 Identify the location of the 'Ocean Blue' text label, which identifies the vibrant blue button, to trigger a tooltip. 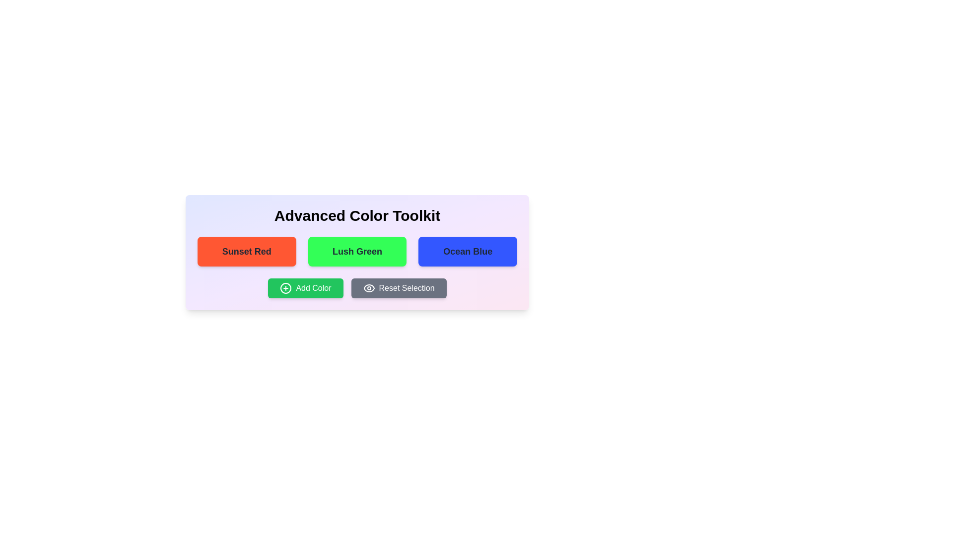
(467, 251).